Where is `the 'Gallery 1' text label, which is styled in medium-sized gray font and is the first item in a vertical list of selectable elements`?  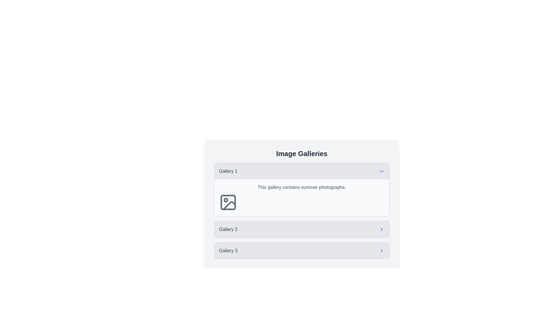
the 'Gallery 1' text label, which is styled in medium-sized gray font and is the first item in a vertical list of selectable elements is located at coordinates (228, 171).